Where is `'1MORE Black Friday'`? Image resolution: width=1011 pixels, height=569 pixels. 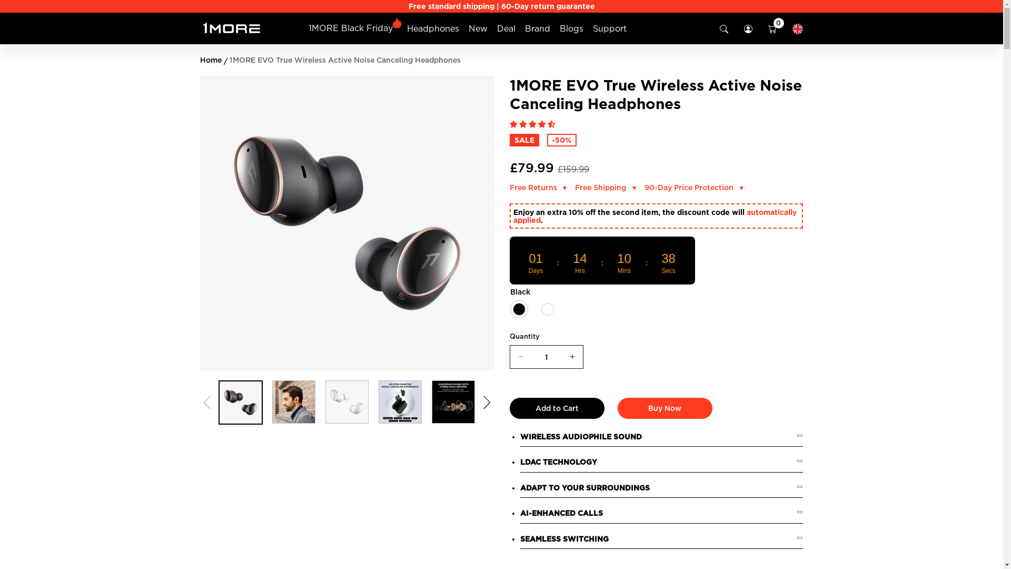 '1MORE Black Friday' is located at coordinates (351, 27).